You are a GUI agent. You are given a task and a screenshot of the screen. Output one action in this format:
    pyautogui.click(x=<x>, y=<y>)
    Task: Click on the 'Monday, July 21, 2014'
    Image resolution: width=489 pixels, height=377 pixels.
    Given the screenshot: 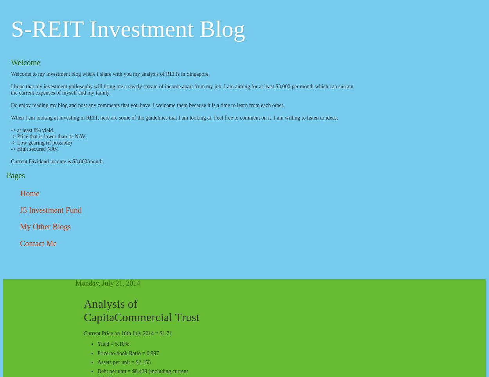 What is the action you would take?
    pyautogui.click(x=75, y=283)
    